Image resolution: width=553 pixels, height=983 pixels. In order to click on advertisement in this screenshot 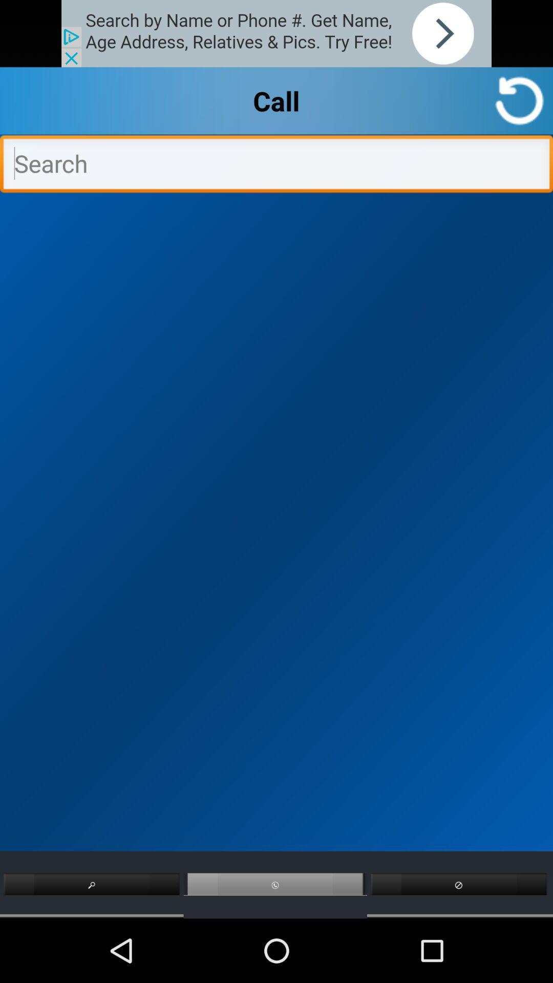, I will do `click(276, 33)`.